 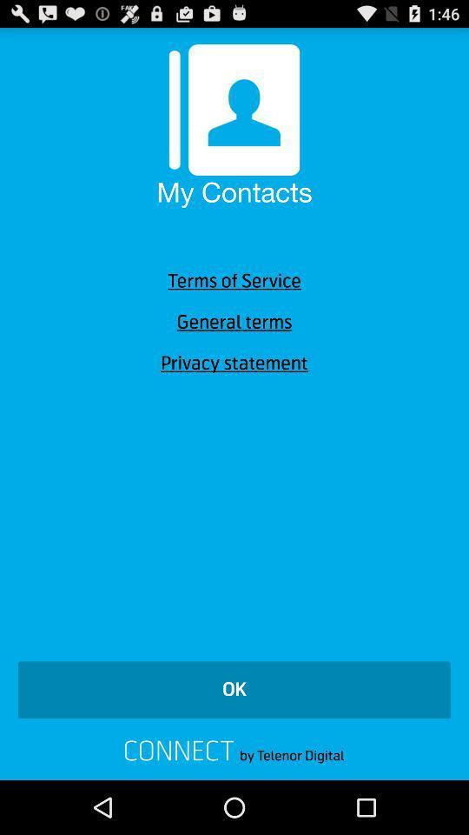 I want to click on general terms item, so click(x=234, y=321).